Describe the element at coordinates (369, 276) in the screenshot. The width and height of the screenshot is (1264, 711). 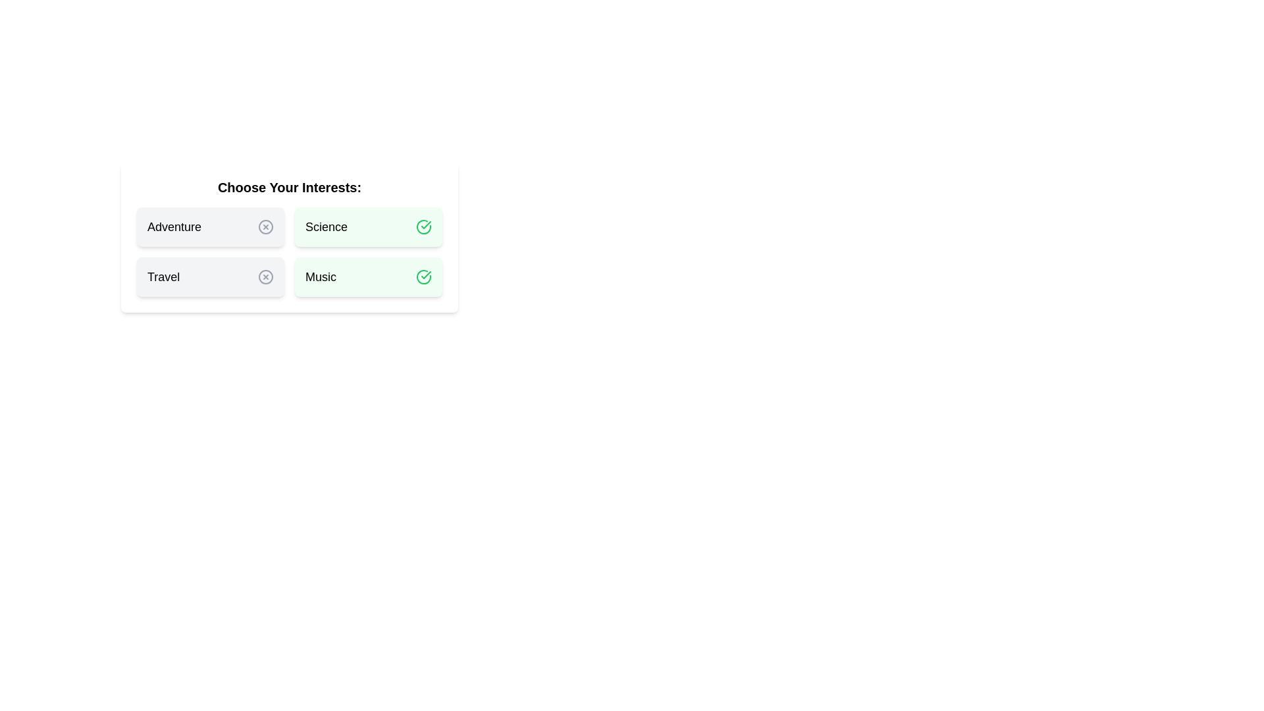
I see `the chip labeled Music to observe hover effects` at that location.